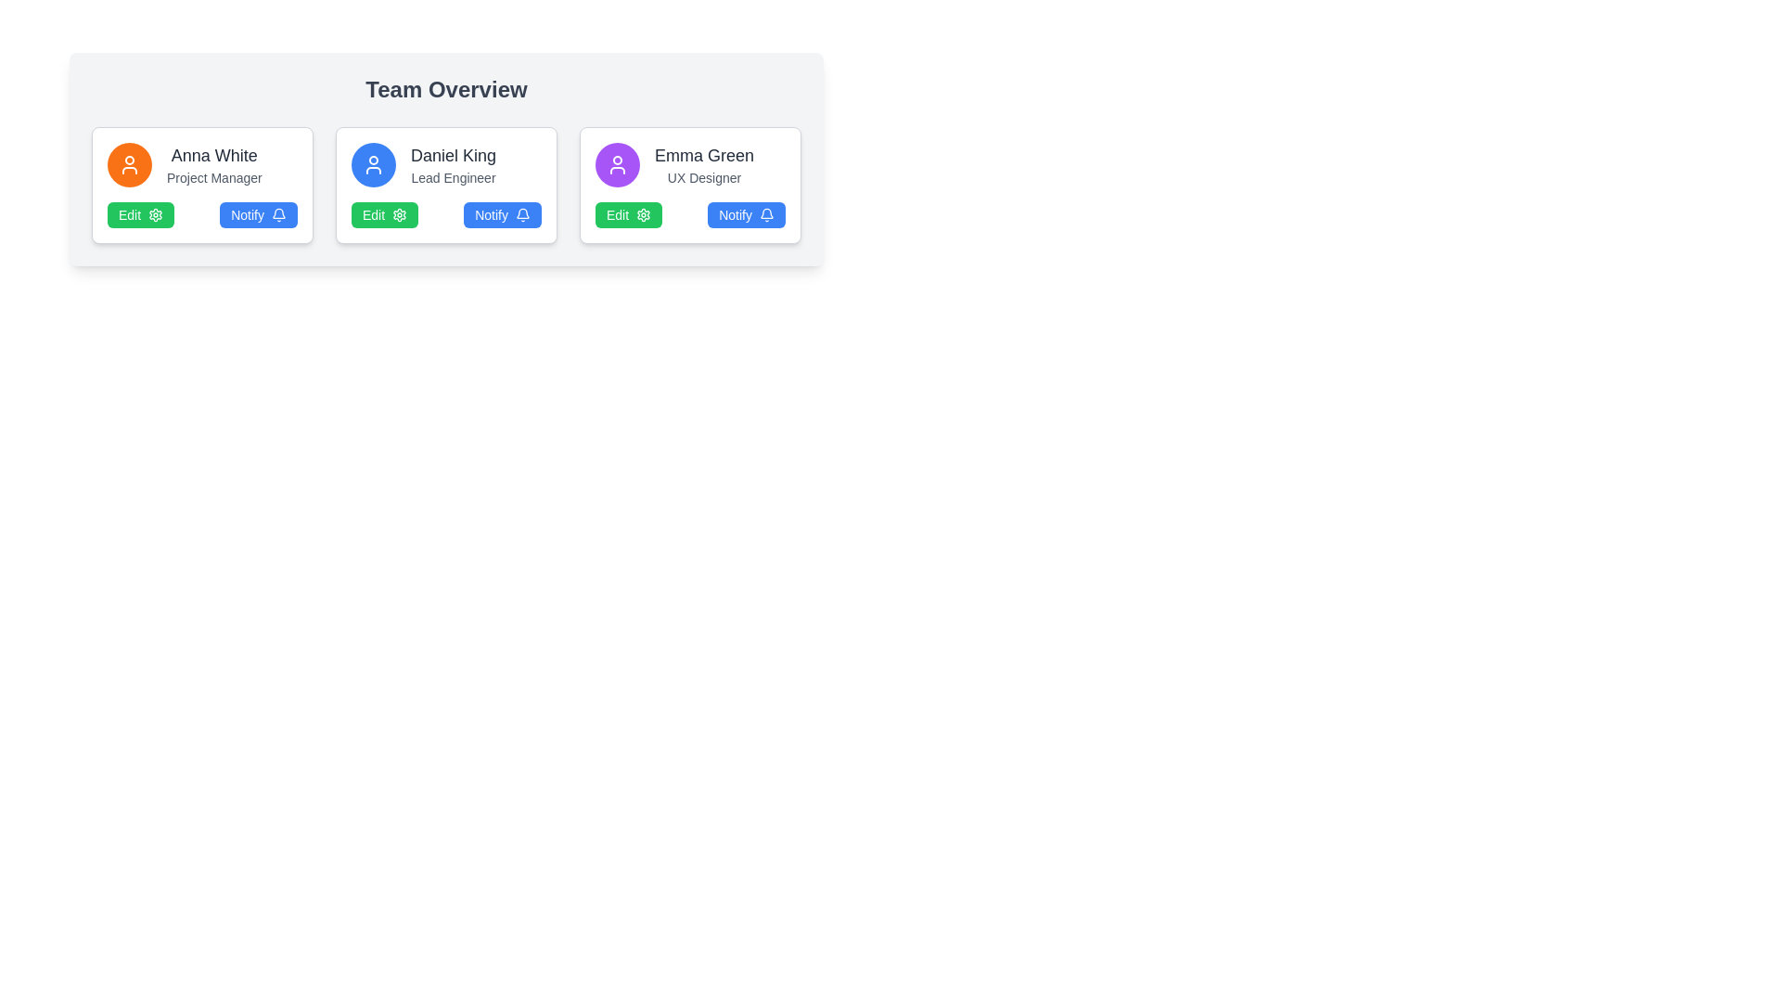 The height and width of the screenshot is (1002, 1781). I want to click on 'Project Manager' label located below the 'Anna White' title within the first card of a three-card layout, so click(214, 178).